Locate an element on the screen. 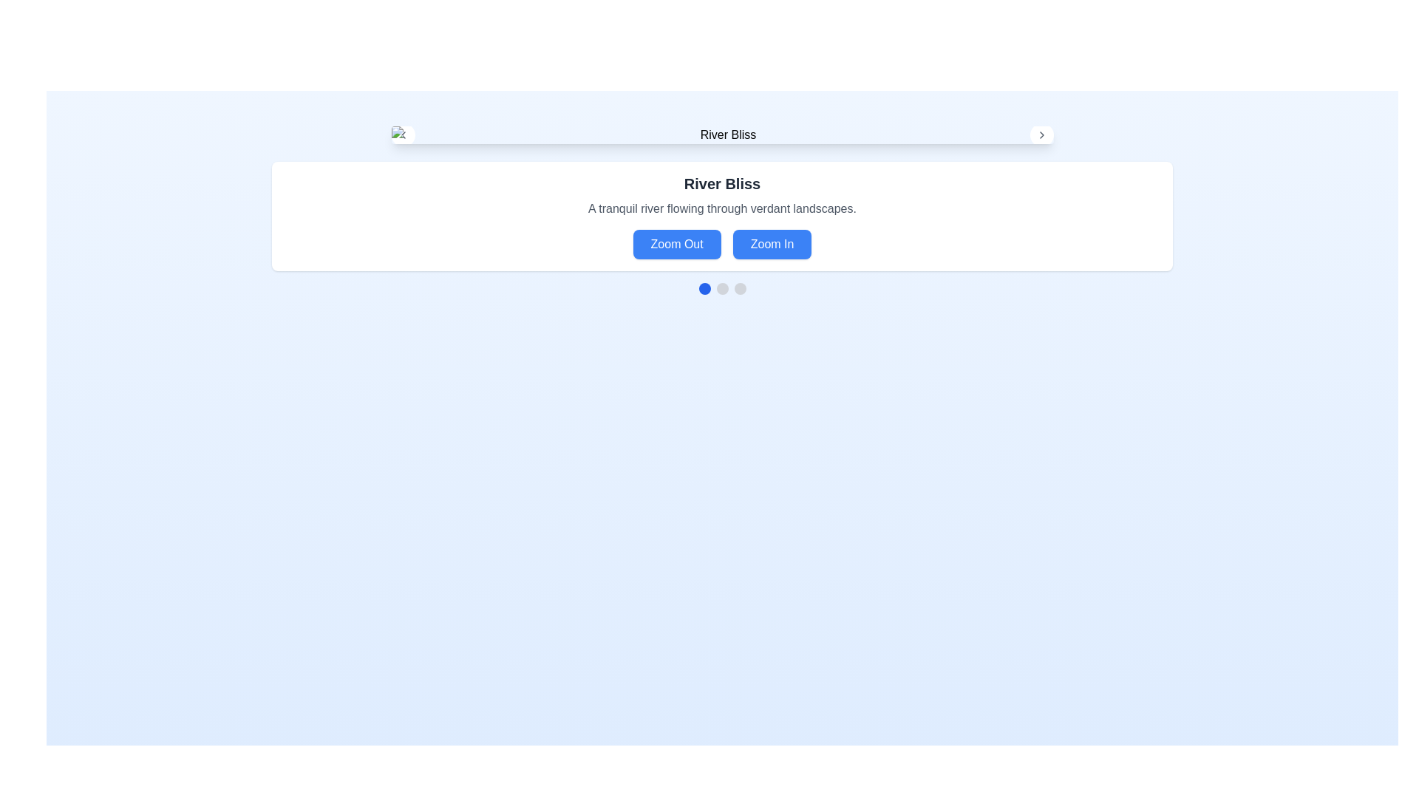  the blue circular indicator, which is the leftmost in a group of three is located at coordinates (704, 288).